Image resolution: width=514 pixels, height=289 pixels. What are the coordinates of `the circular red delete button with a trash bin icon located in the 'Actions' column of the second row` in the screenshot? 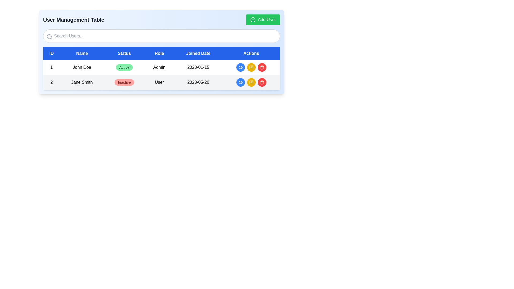 It's located at (262, 82).